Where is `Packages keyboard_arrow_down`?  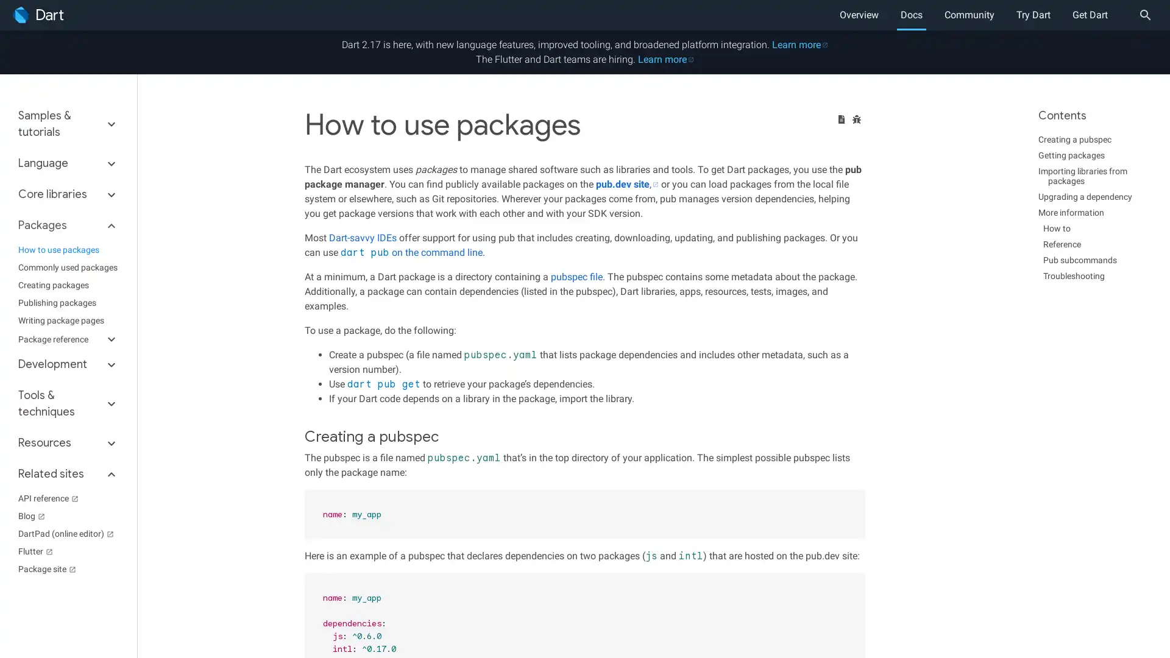 Packages keyboard_arrow_down is located at coordinates (68, 225).